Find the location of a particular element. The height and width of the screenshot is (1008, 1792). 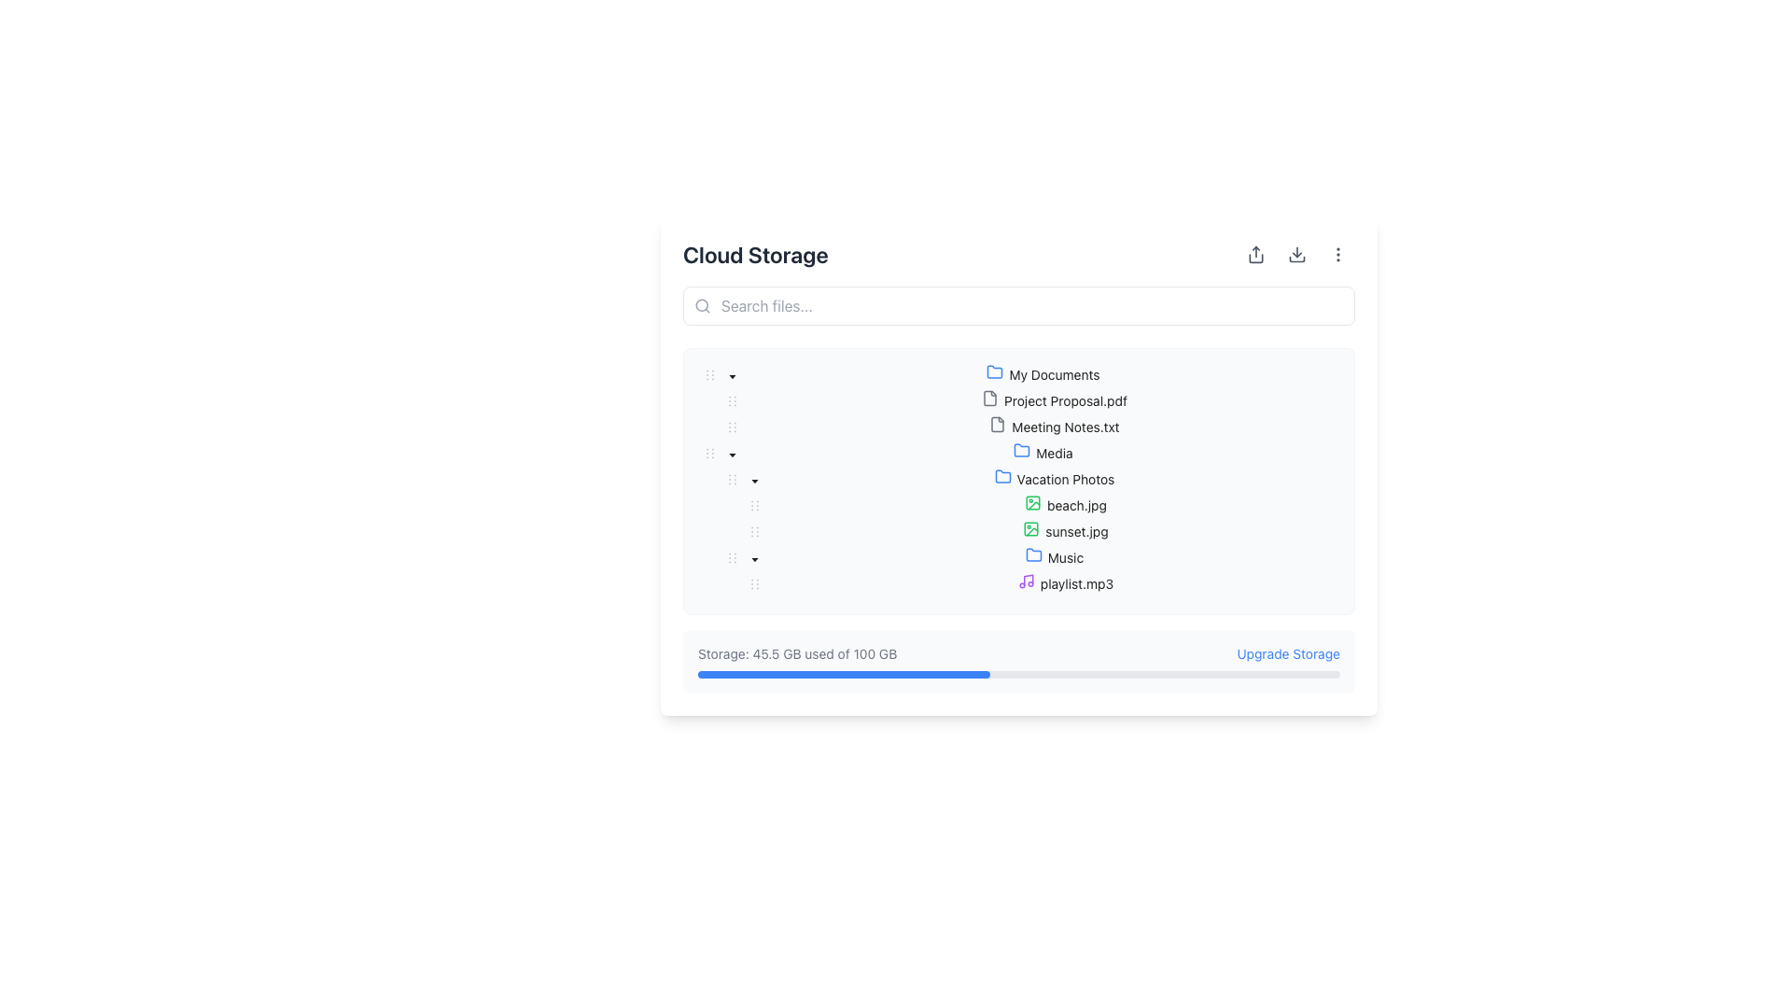

the file item labeled 'beach.jpg' within the 'Vacation Photos' folder is located at coordinates (1066, 506).